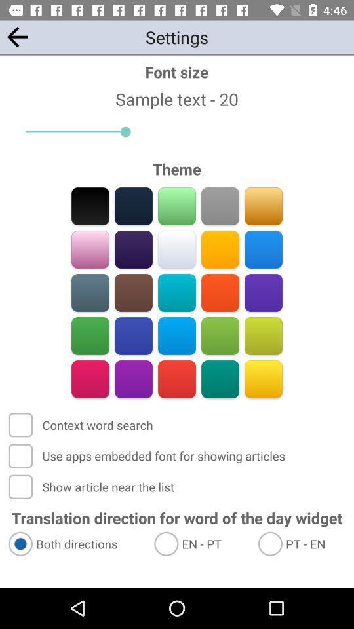 This screenshot has height=629, width=354. What do you see at coordinates (133, 249) in the screenshot?
I see `change theme option` at bounding box center [133, 249].